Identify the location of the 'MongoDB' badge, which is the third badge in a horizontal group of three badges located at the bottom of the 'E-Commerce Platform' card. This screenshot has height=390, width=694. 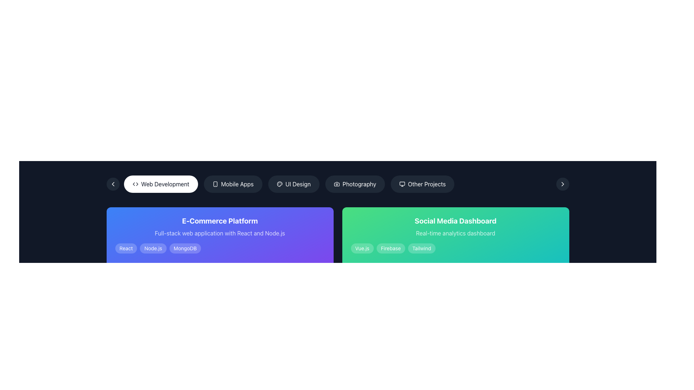
(185, 248).